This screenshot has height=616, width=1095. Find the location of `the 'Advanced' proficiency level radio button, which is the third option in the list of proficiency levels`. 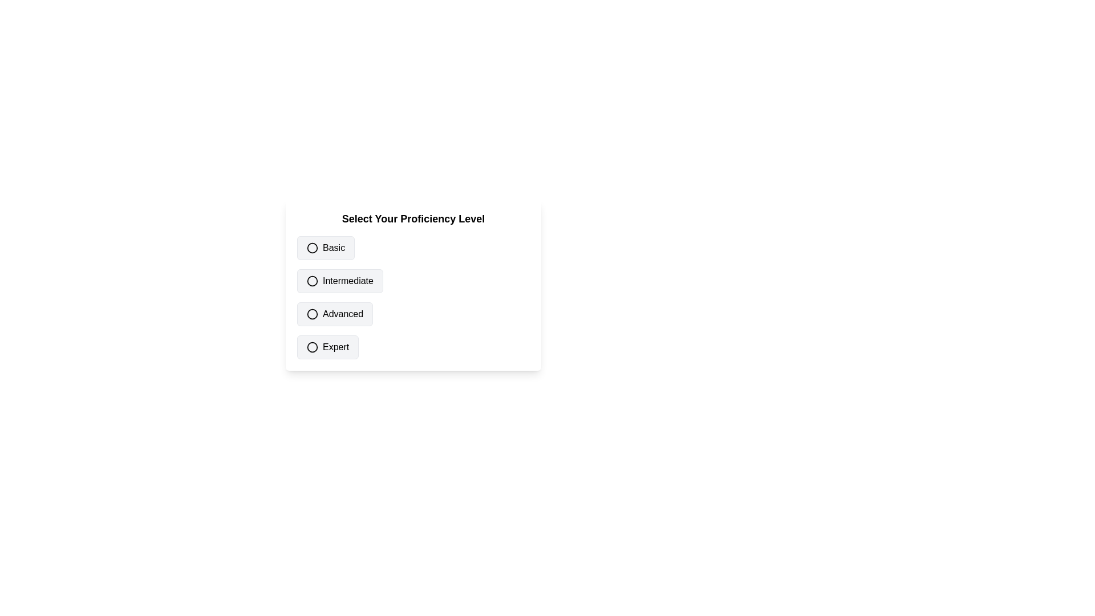

the 'Advanced' proficiency level radio button, which is the third option in the list of proficiency levels is located at coordinates (412, 314).